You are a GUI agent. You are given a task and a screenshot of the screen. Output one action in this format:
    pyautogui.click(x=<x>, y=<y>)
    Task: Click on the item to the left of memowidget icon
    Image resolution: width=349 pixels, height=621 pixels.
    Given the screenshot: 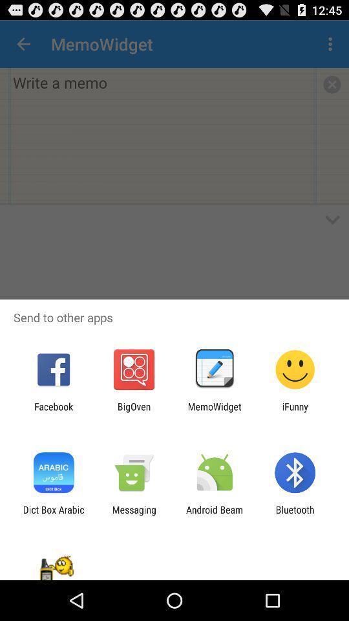 What is the action you would take?
    pyautogui.click(x=133, y=411)
    